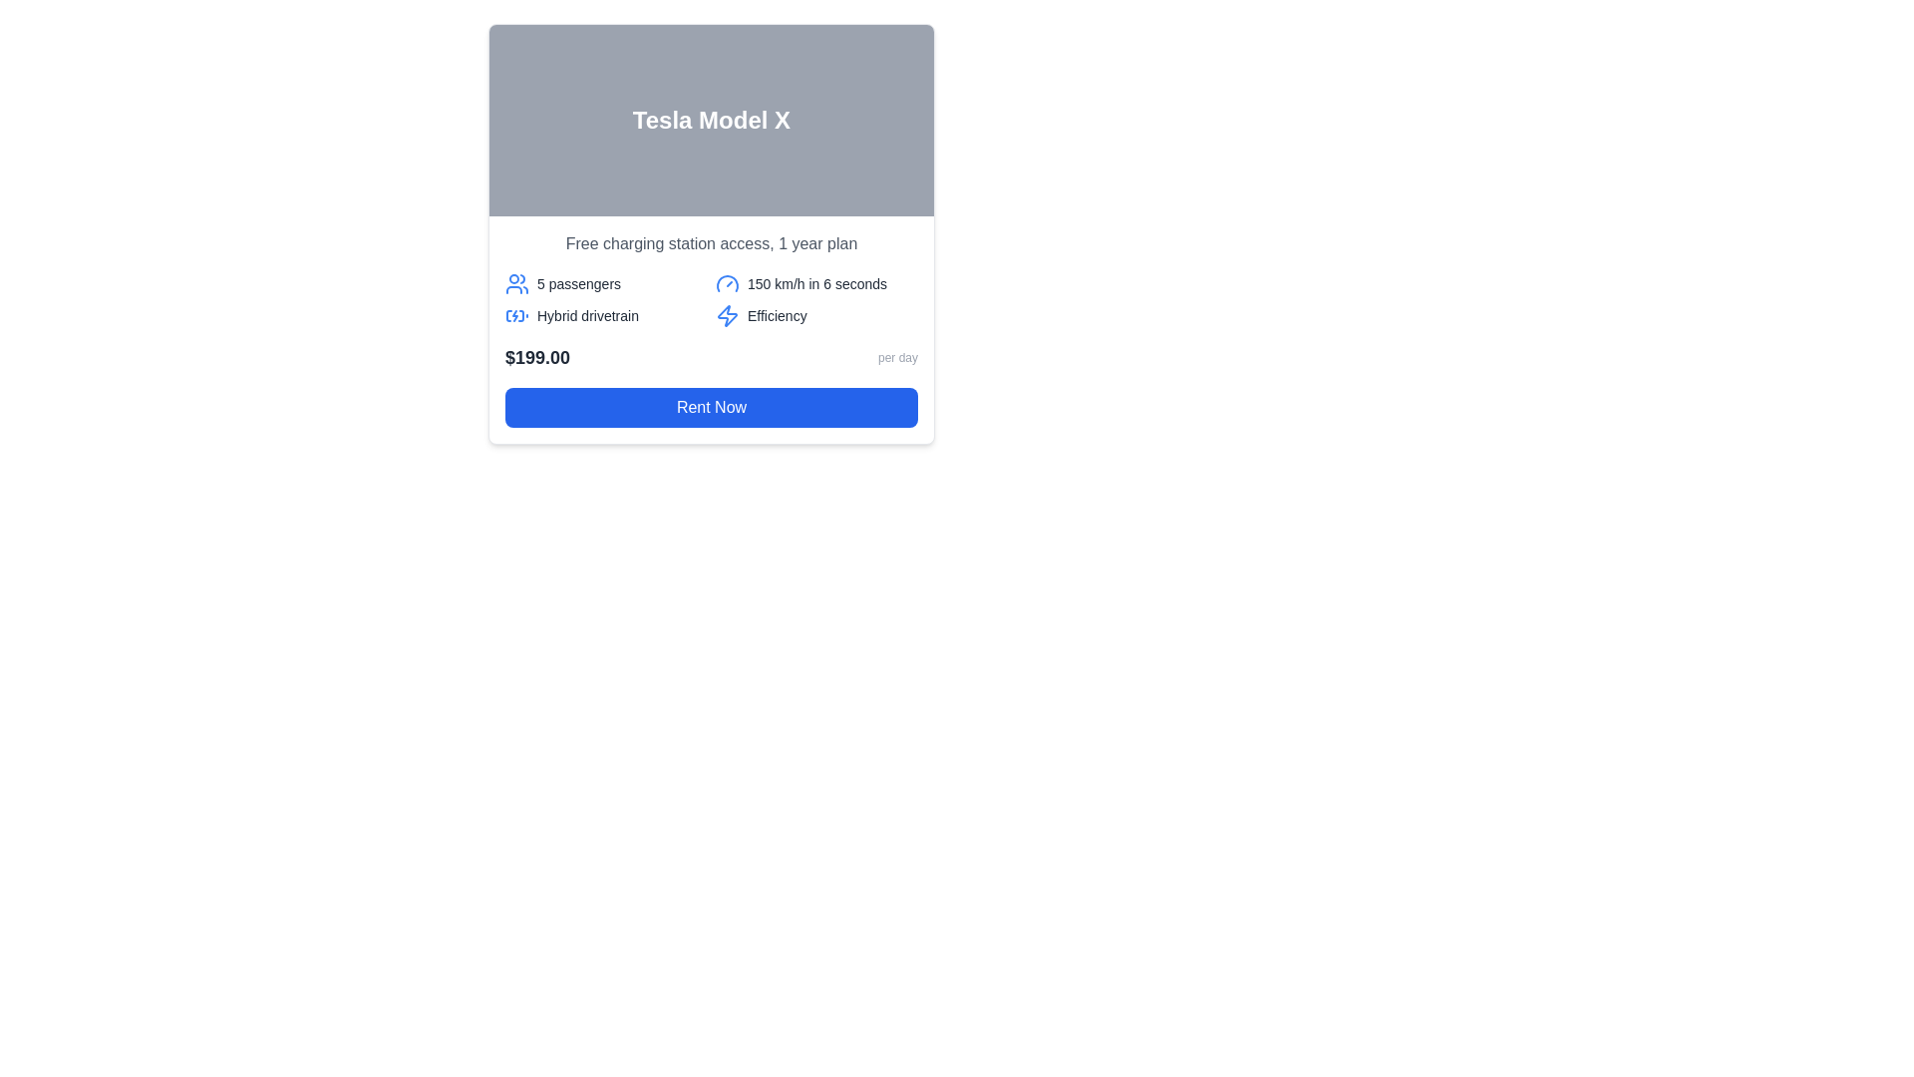  What do you see at coordinates (897, 356) in the screenshot?
I see `the text label displaying 'per day', which is located at the bottom right of the card component next to the monetary value of '$199.00'` at bounding box center [897, 356].